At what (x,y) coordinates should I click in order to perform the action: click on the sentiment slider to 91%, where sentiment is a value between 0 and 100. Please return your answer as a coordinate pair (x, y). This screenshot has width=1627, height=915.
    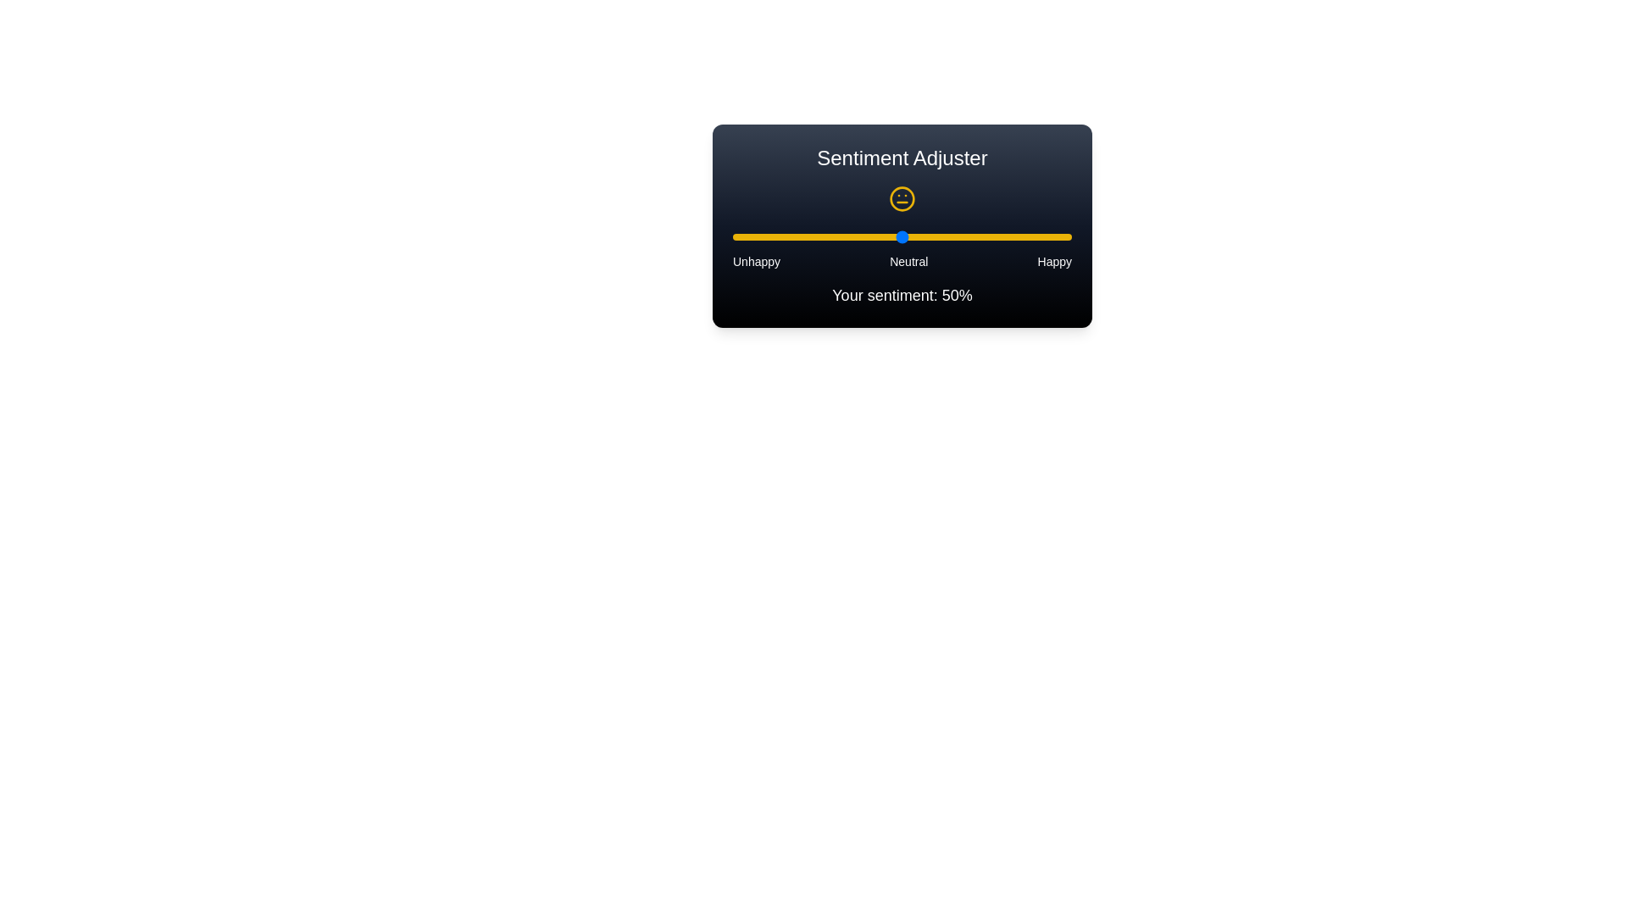
    Looking at the image, I should click on (1040, 237).